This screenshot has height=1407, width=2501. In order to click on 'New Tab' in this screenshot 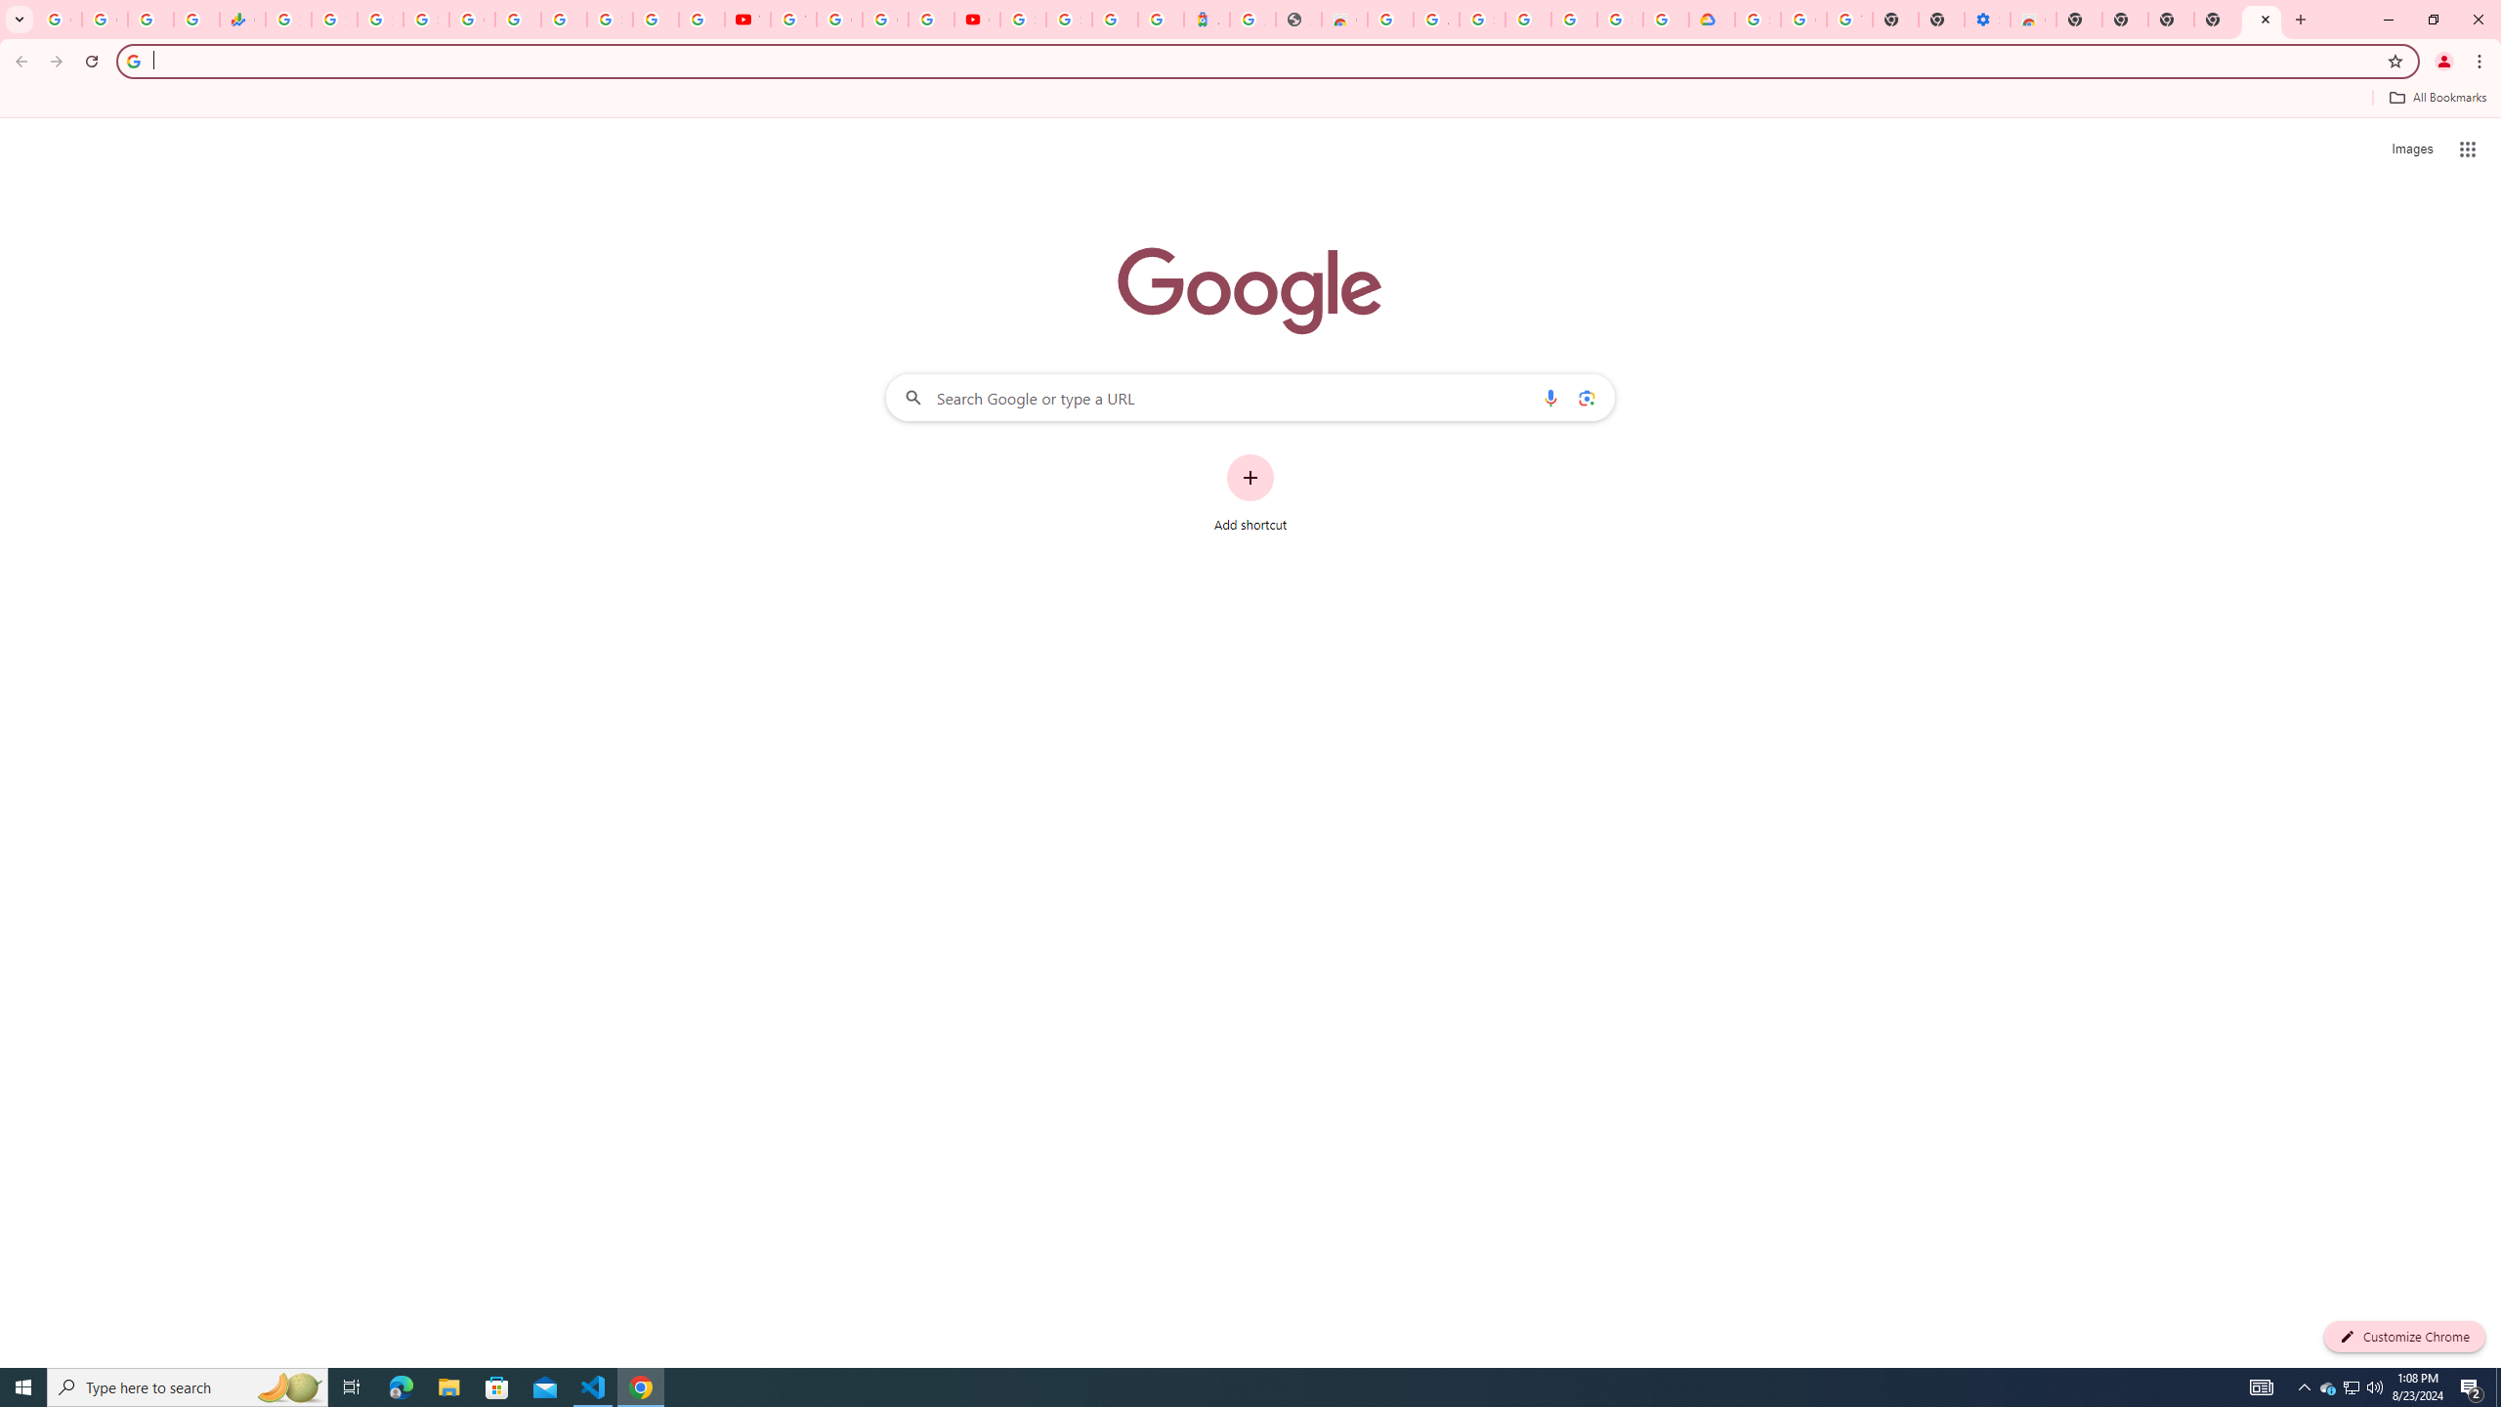, I will do `click(2216, 19)`.